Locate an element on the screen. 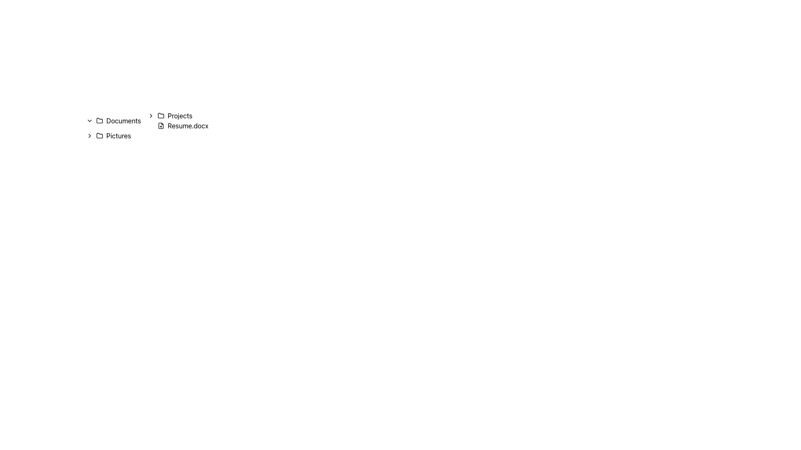 Image resolution: width=801 pixels, height=450 pixels. the file item entry labeled 'Resume.docx' located under the 'Projects' directory is located at coordinates (174, 125).